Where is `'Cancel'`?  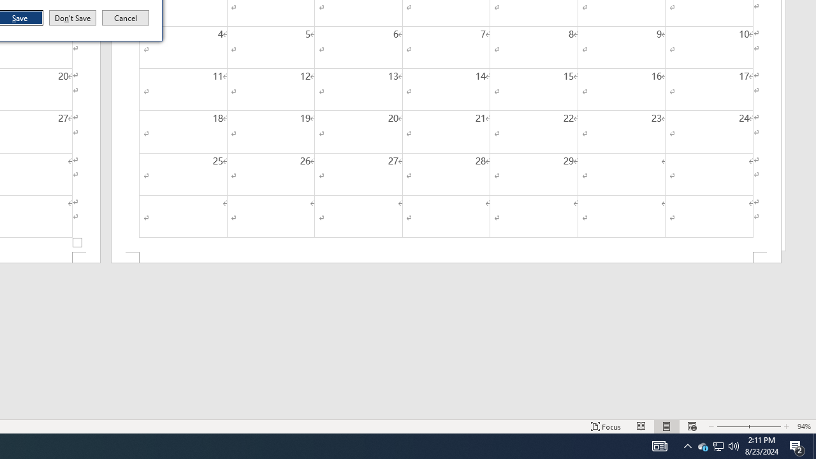
'Cancel' is located at coordinates (126, 18).